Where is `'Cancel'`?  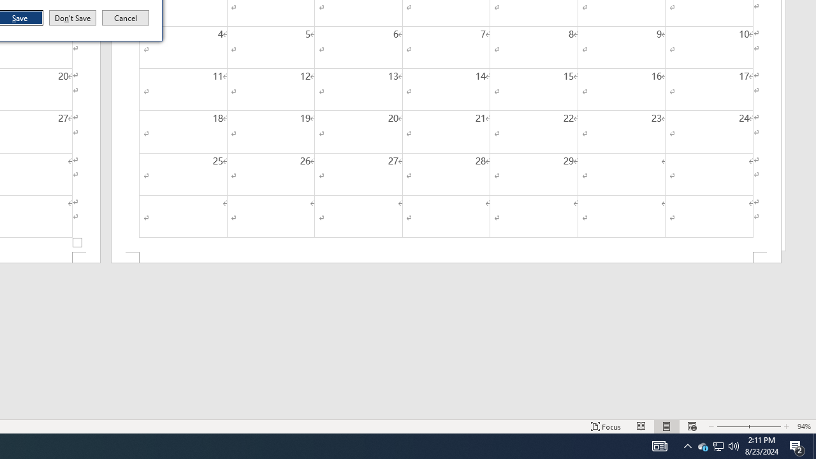
'Cancel' is located at coordinates (126, 18).